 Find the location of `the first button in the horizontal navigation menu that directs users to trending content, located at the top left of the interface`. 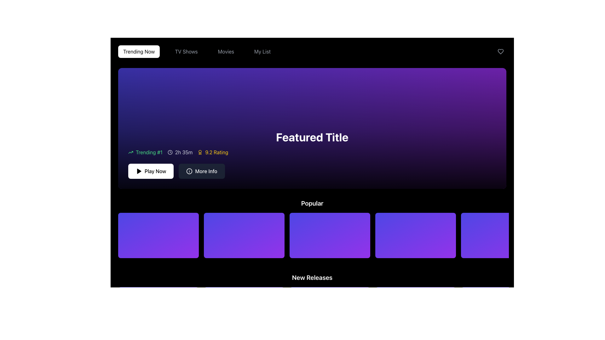

the first button in the horizontal navigation menu that directs users to trending content, located at the top left of the interface is located at coordinates (139, 51).